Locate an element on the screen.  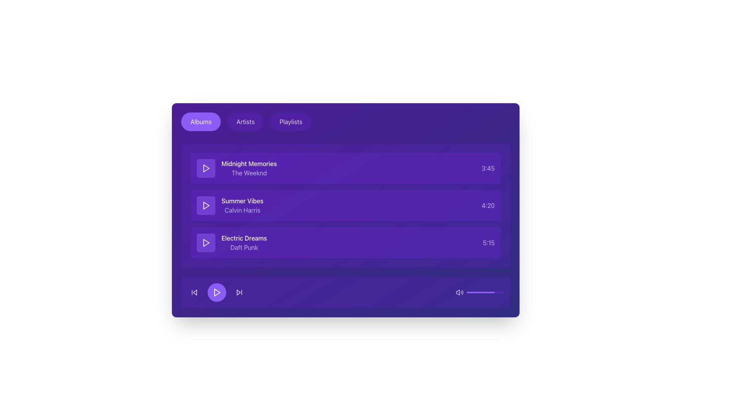
the play button located to the left of the song title 'Summer Vibes' and artist 'Calvin Harris' to initiate playback for the associated song is located at coordinates (206, 205).